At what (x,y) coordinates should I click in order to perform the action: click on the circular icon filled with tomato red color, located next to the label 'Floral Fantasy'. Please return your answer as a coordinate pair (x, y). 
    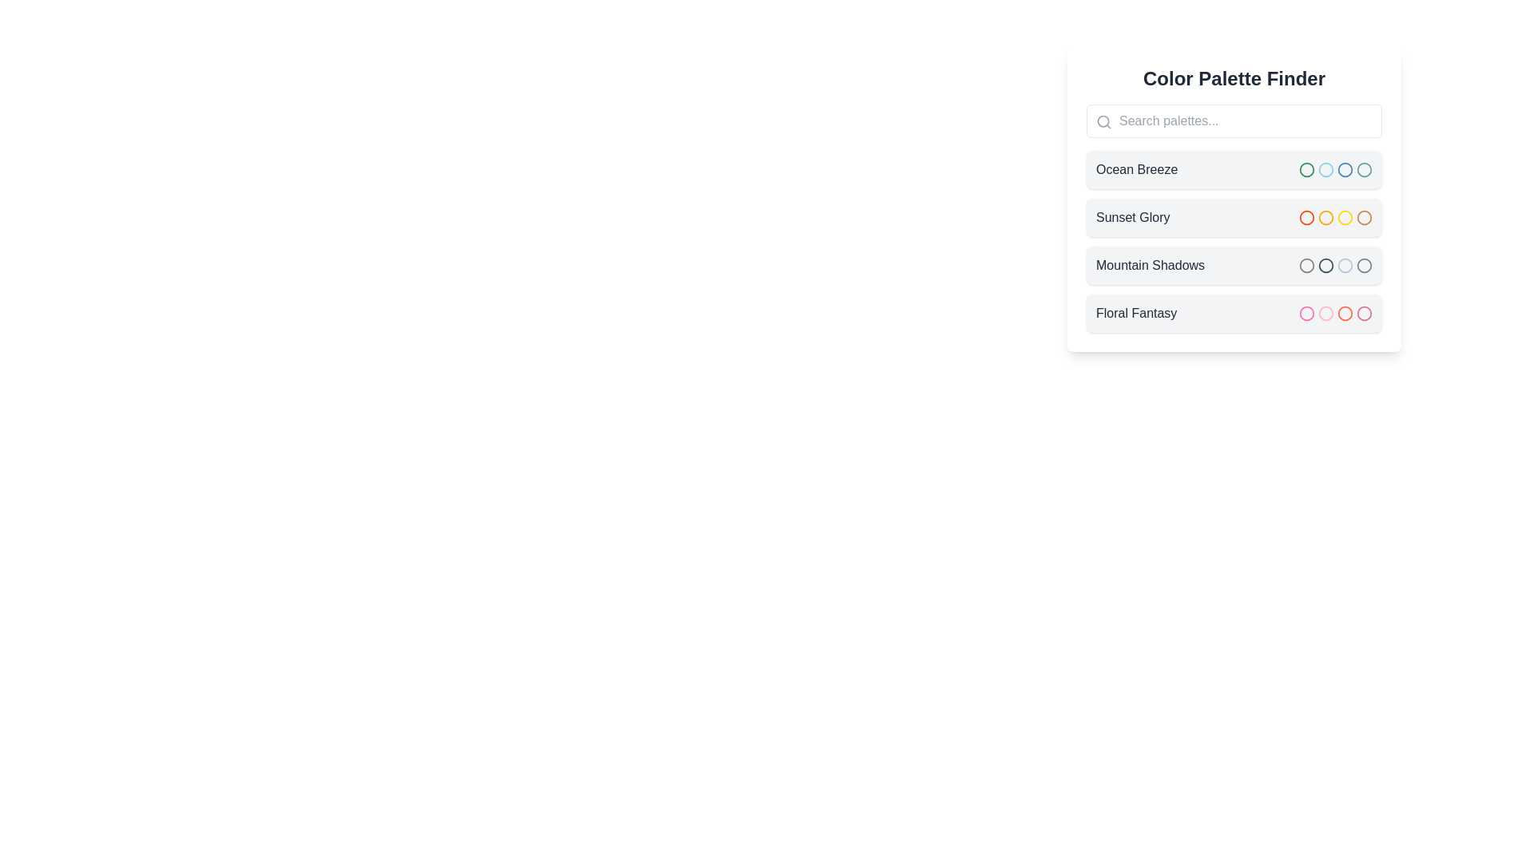
    Looking at the image, I should click on (1345, 314).